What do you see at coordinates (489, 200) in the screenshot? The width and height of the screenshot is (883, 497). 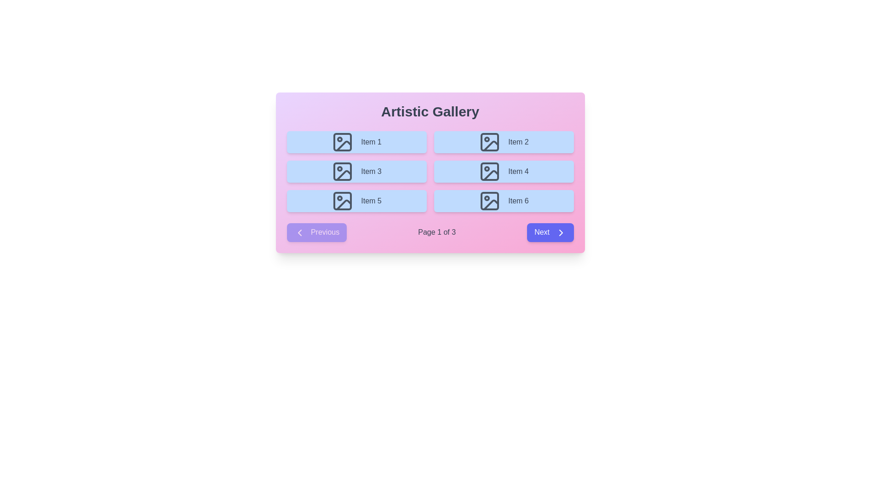 I see `the gray icon resembling an image symbol located inside the button for 'Item 6' in the 'Artistic Gallery' section` at bounding box center [489, 200].